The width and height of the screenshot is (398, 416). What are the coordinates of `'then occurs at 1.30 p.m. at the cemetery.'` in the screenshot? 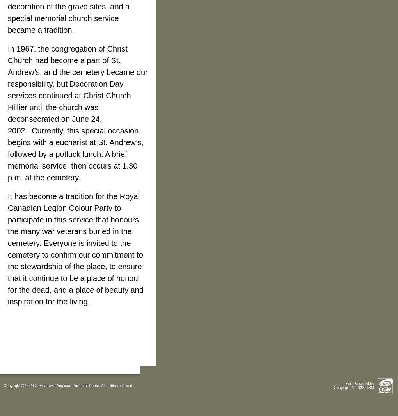 It's located at (72, 172).